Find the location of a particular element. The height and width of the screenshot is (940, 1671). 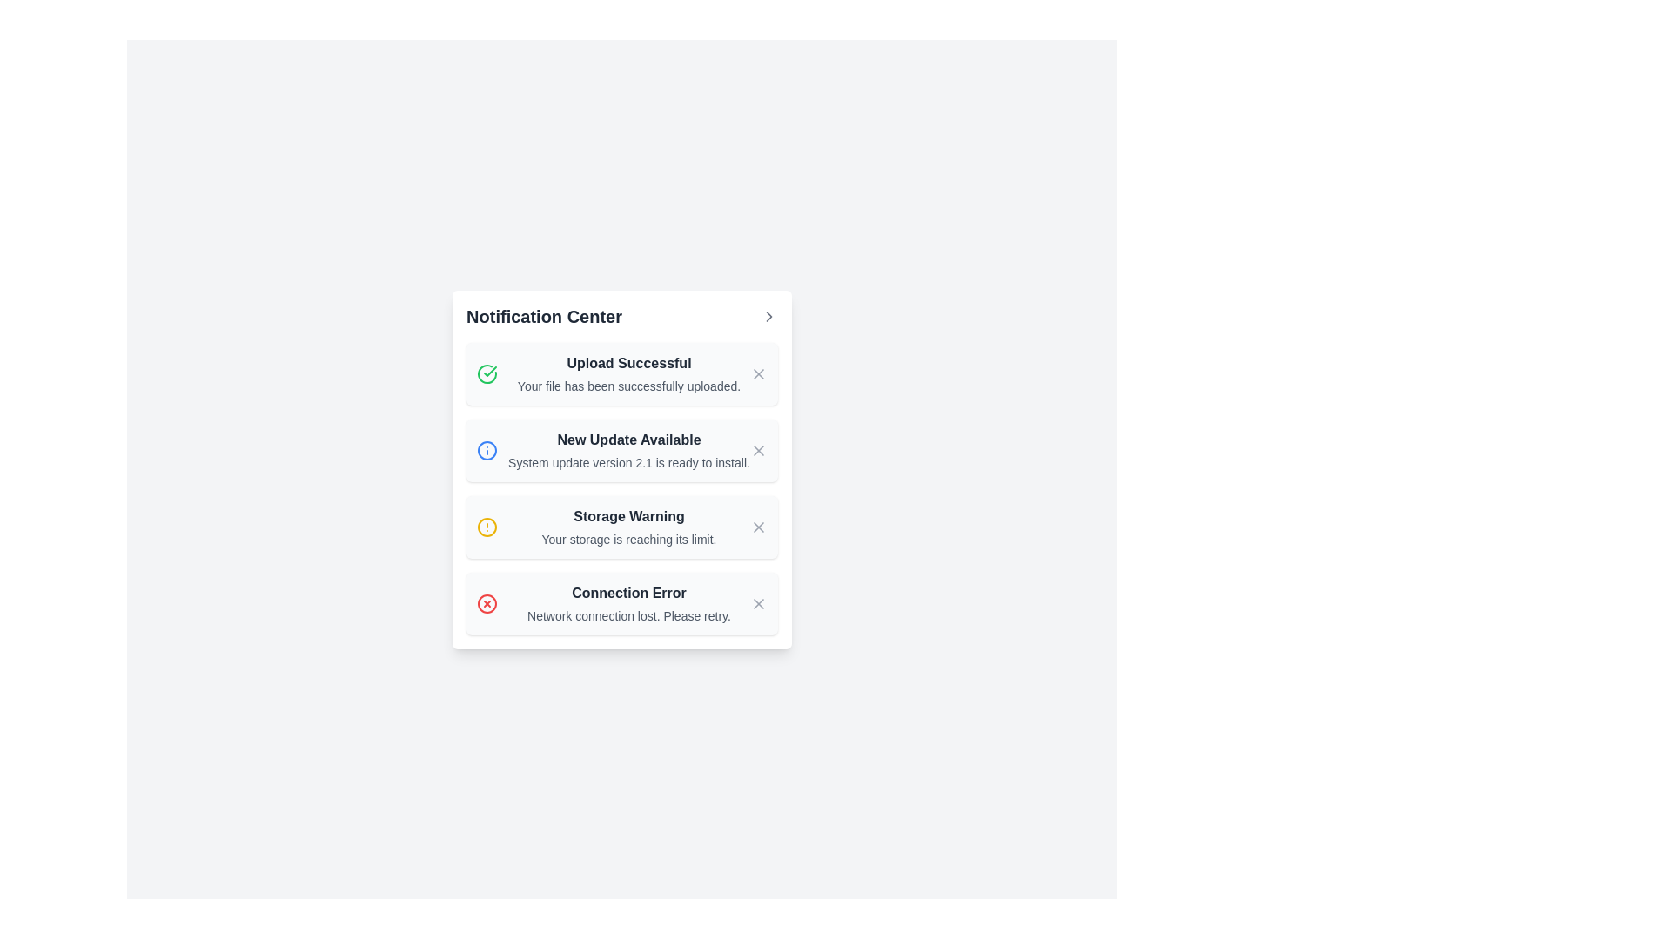

the 'Connection Error' text label, which is displayed in bold dark gray font within the bottom notification entry of the notifications list is located at coordinates (628, 592).